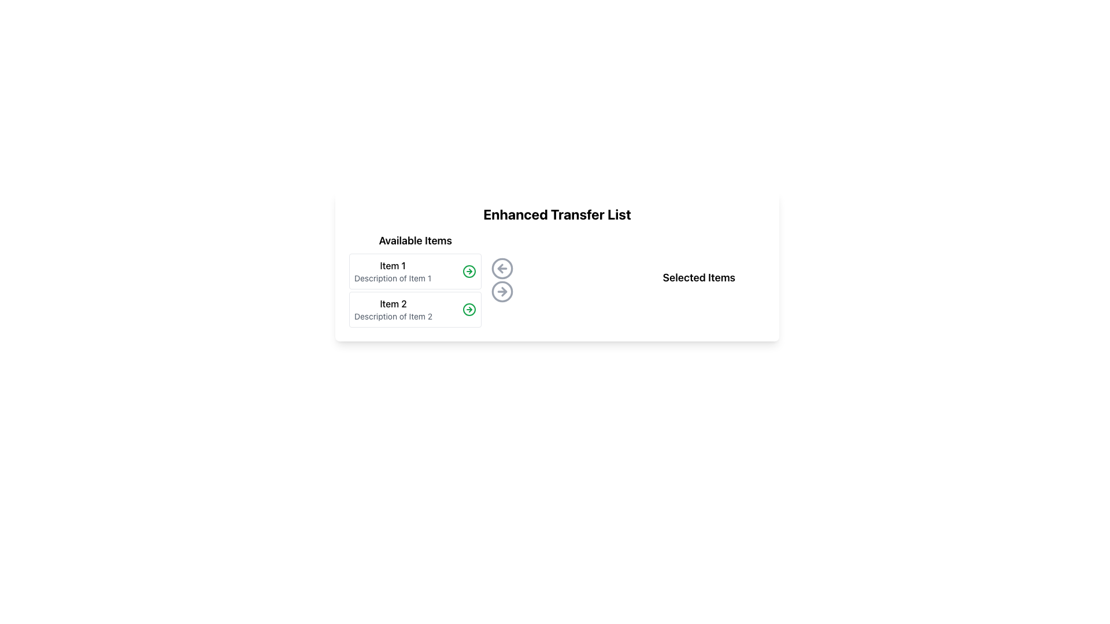 Image resolution: width=1110 pixels, height=624 pixels. I want to click on the text block labeled 'Item 1' in the 'Available Items' section, so click(393, 272).